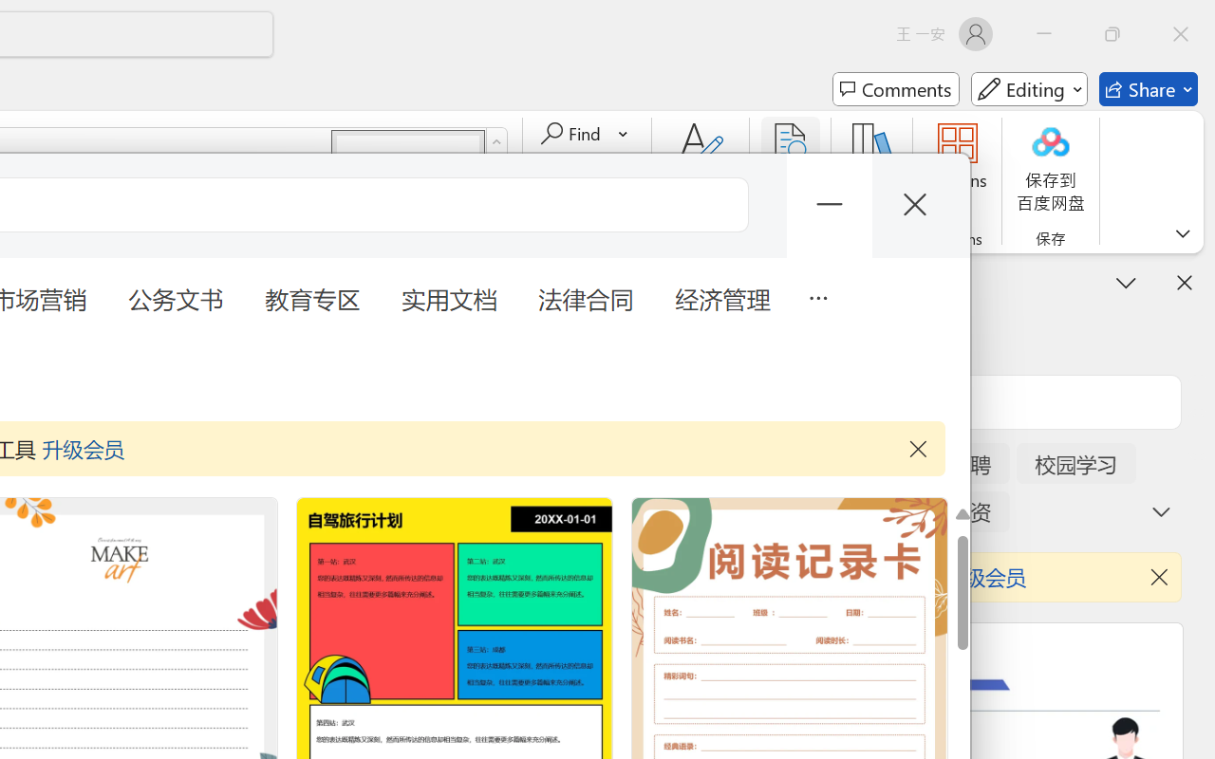 The width and height of the screenshot is (1215, 759). I want to click on 'Comments', so click(895, 89).